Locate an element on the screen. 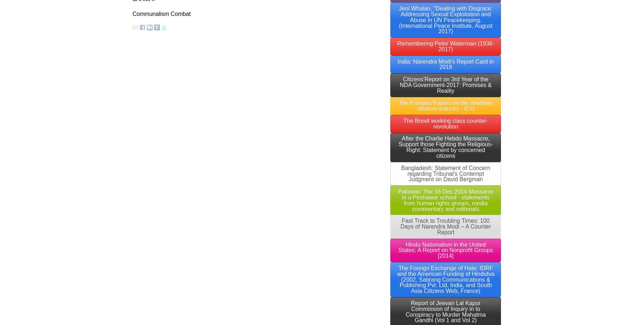 The width and height of the screenshot is (633, 325). 'Report of Jeevan Lal Kapur Commission of Inquiry in to Conspiracy to Murder Mahatma Gandhi (Vol 1 and Vol 2)' is located at coordinates (446, 311).